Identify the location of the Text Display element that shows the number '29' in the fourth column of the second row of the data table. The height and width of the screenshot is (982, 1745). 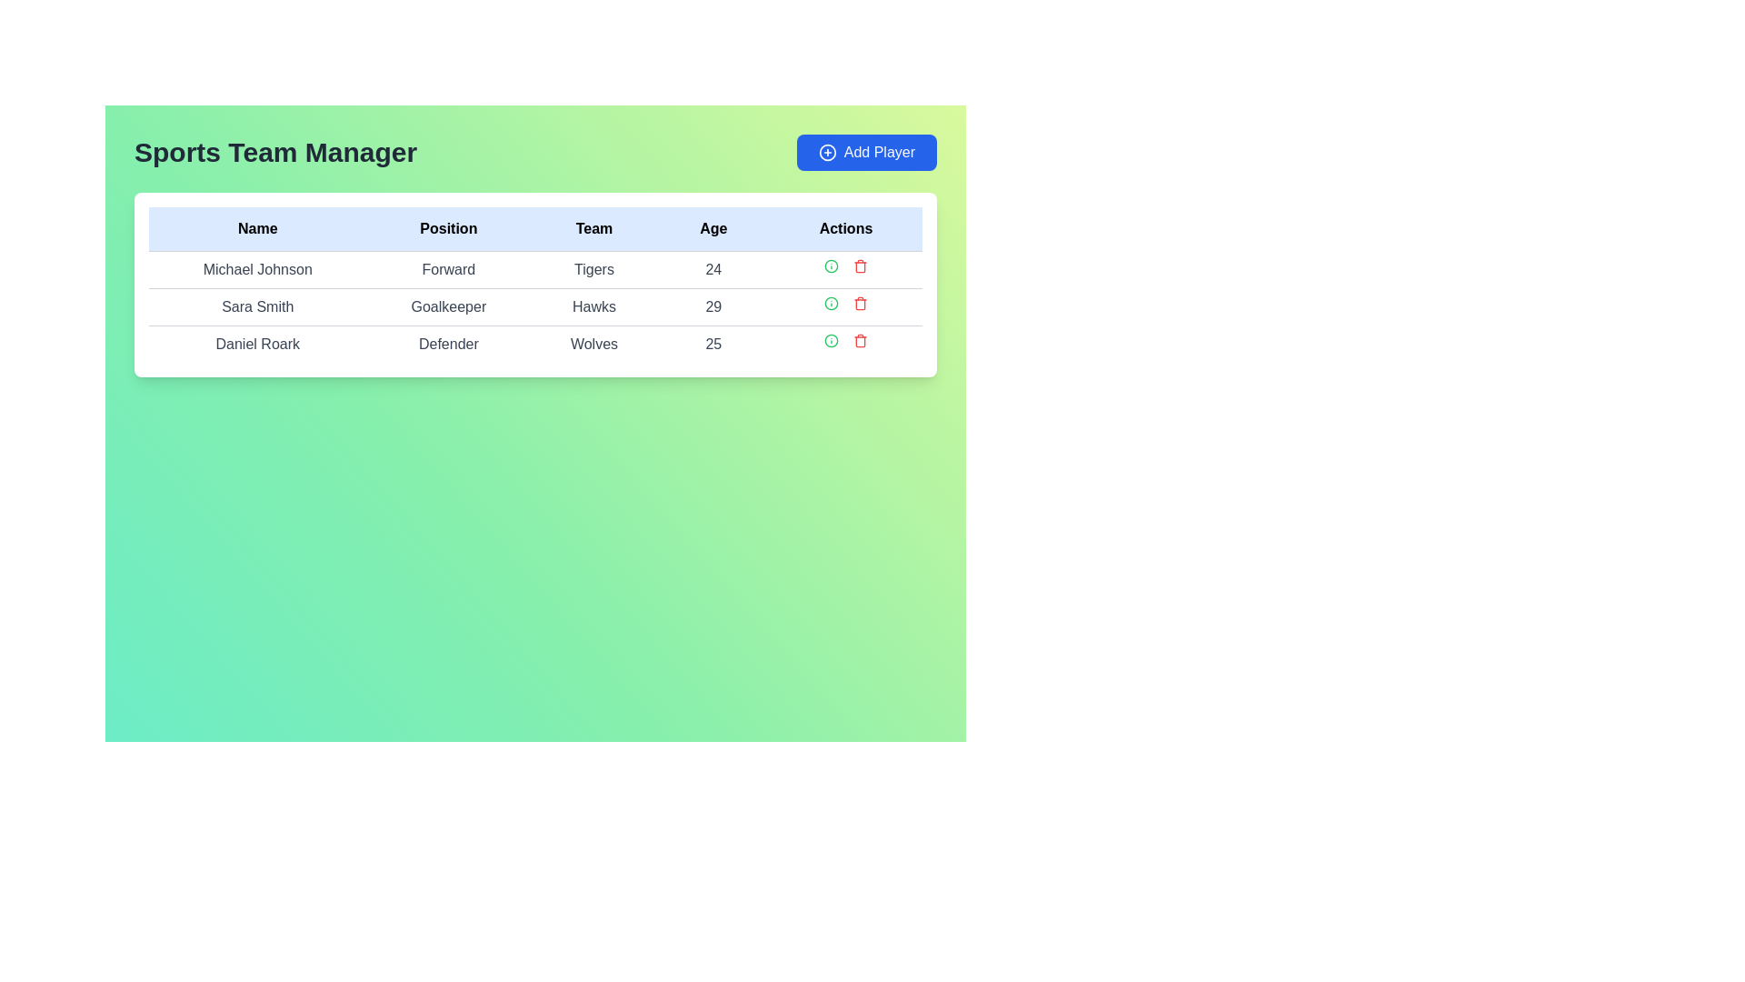
(713, 306).